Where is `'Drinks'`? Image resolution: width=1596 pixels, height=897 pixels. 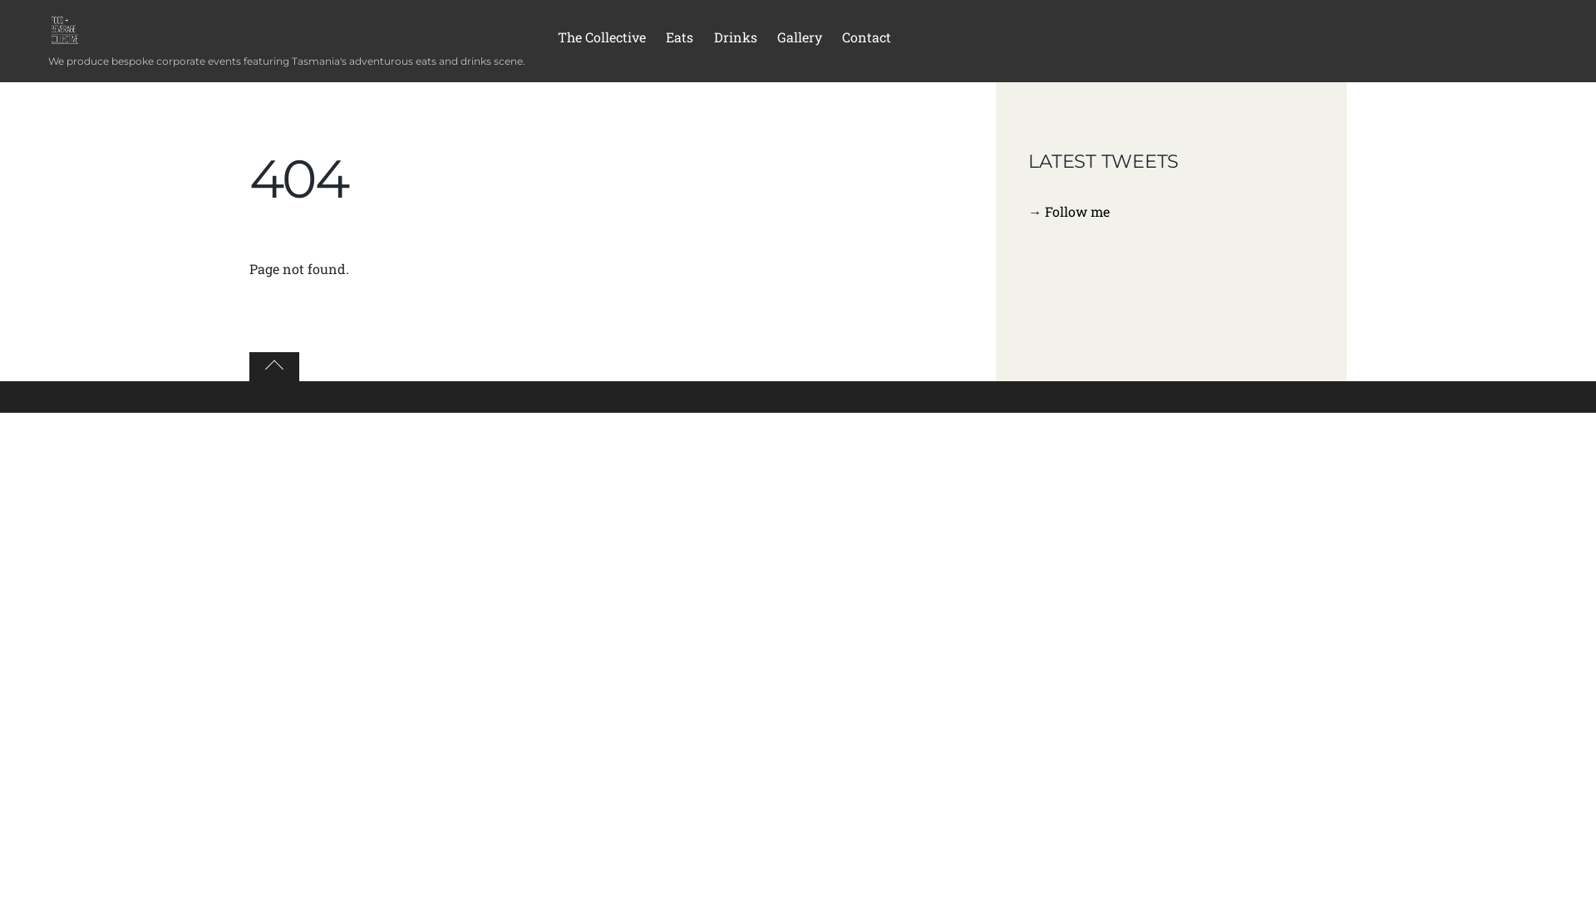 'Drinks' is located at coordinates (733, 40).